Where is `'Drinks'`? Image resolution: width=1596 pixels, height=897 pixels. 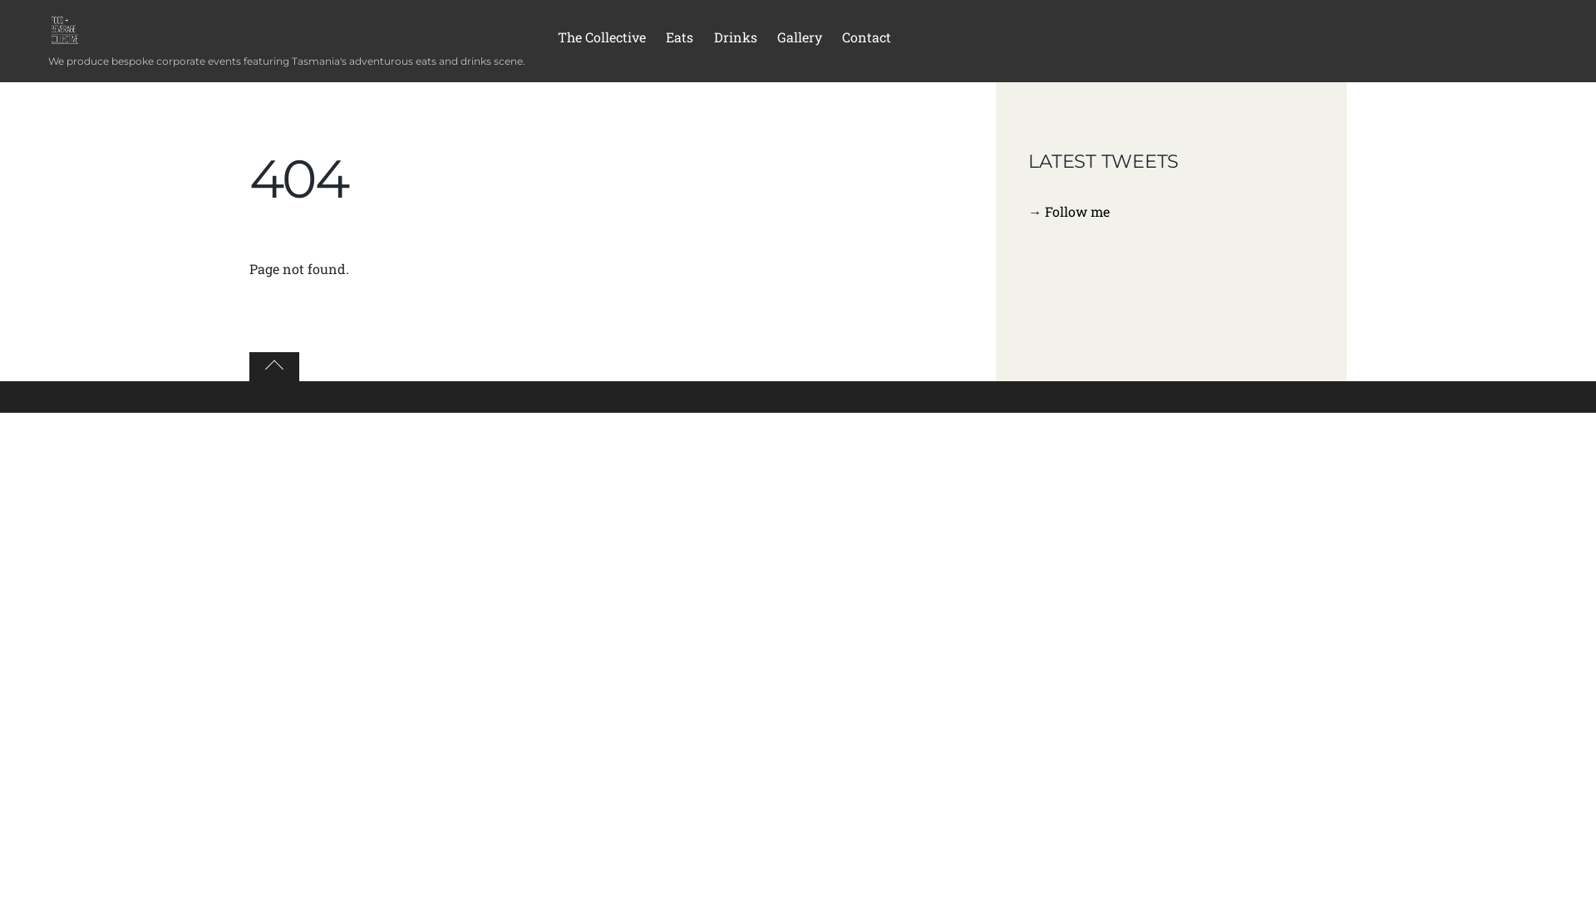 'Drinks' is located at coordinates (733, 40).